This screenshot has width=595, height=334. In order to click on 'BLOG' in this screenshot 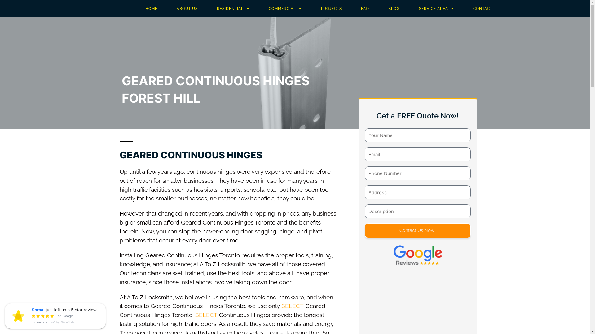, I will do `click(394, 8)`.